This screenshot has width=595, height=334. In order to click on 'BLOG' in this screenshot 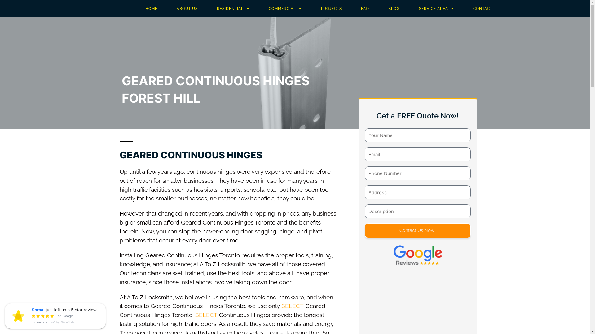, I will do `click(394, 8)`.